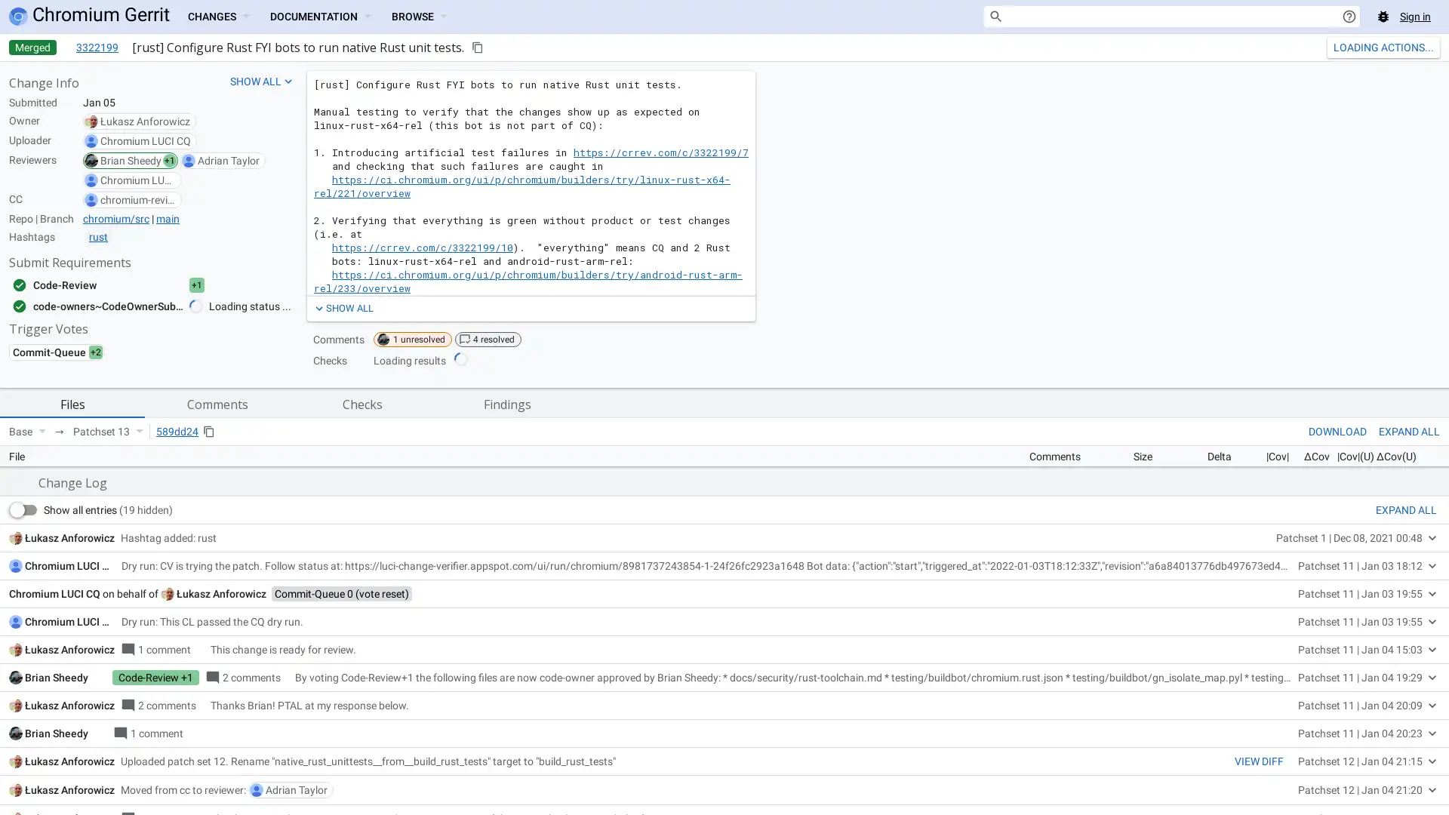 Image resolution: width=1449 pixels, height=815 pixels. I want to click on ukasz Anforowicz, so click(69, 745).